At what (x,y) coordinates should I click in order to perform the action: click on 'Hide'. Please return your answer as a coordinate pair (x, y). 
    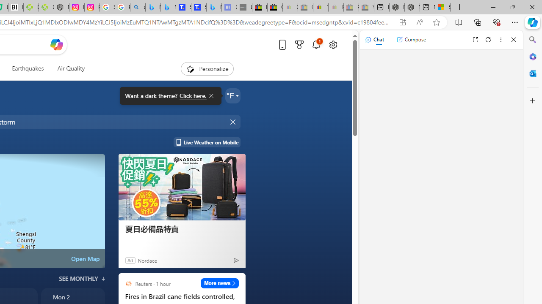
    Looking at the image, I should click on (233, 122).